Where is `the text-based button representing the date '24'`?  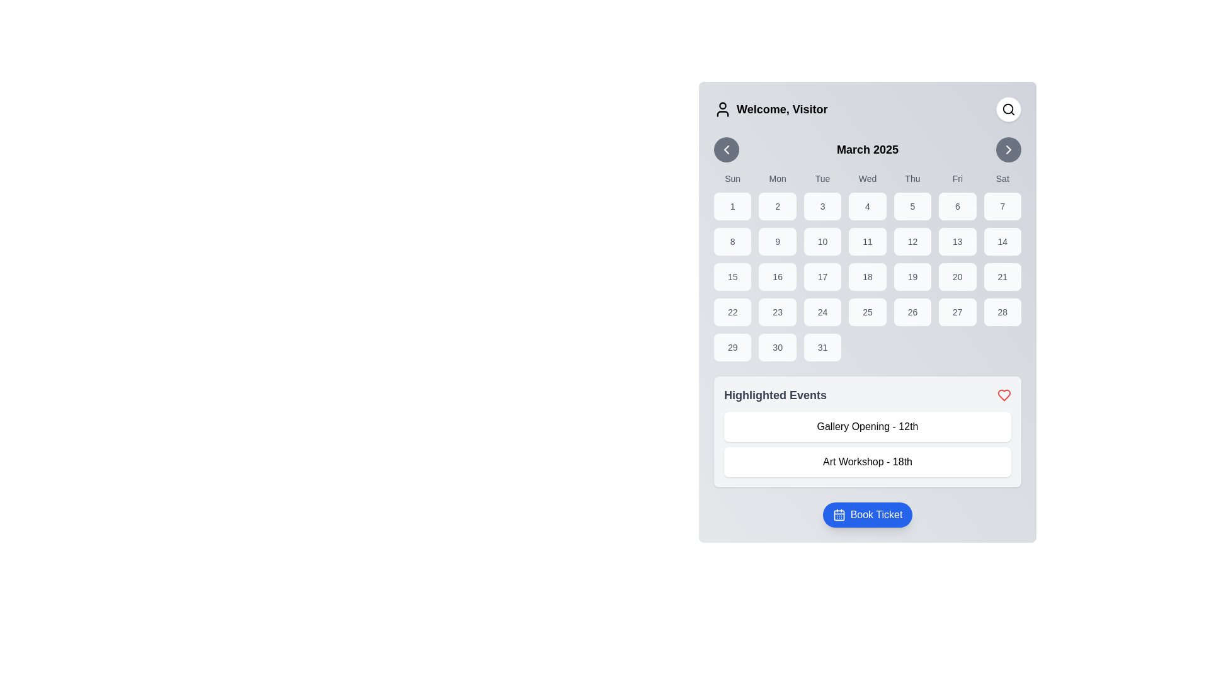
the text-based button representing the date '24' is located at coordinates (822, 312).